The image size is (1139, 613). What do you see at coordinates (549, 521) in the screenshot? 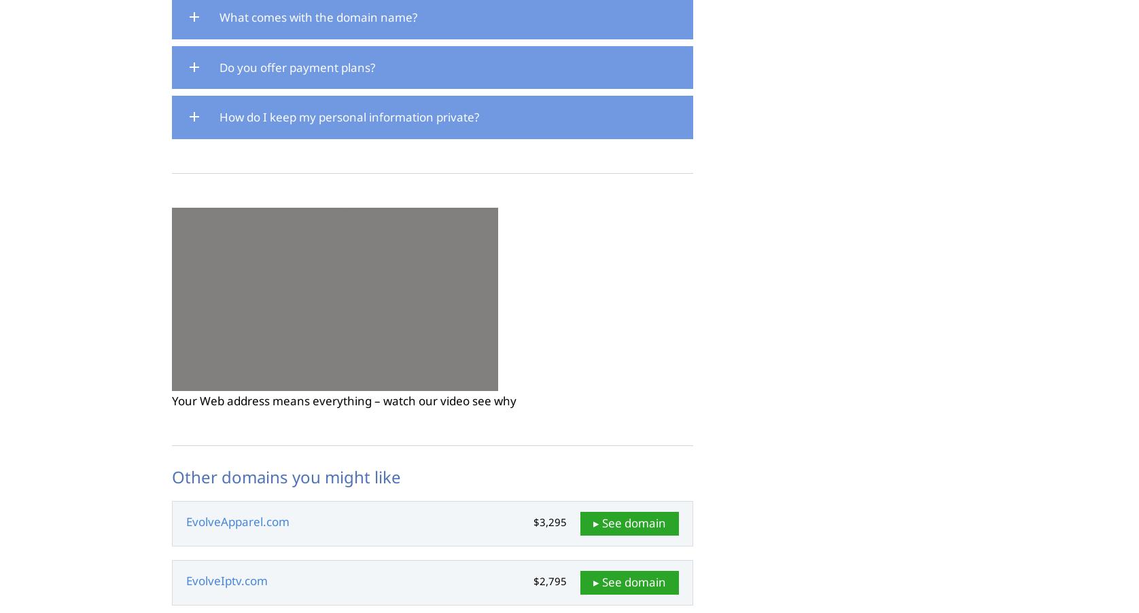
I see `'$3,295'` at bounding box center [549, 521].